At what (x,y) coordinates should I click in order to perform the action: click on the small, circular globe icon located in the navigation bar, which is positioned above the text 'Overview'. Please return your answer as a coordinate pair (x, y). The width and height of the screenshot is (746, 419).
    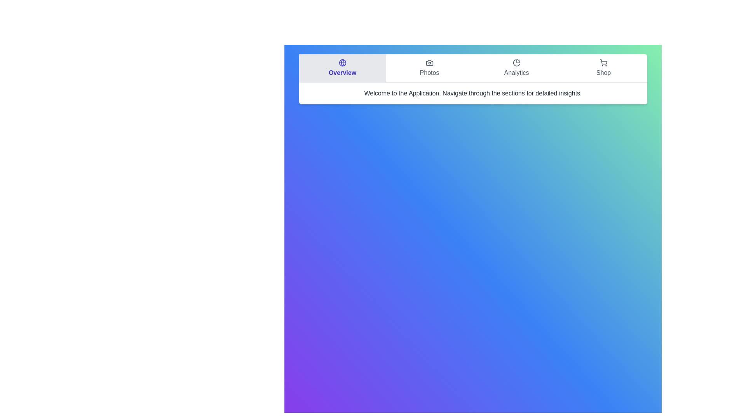
    Looking at the image, I should click on (342, 62).